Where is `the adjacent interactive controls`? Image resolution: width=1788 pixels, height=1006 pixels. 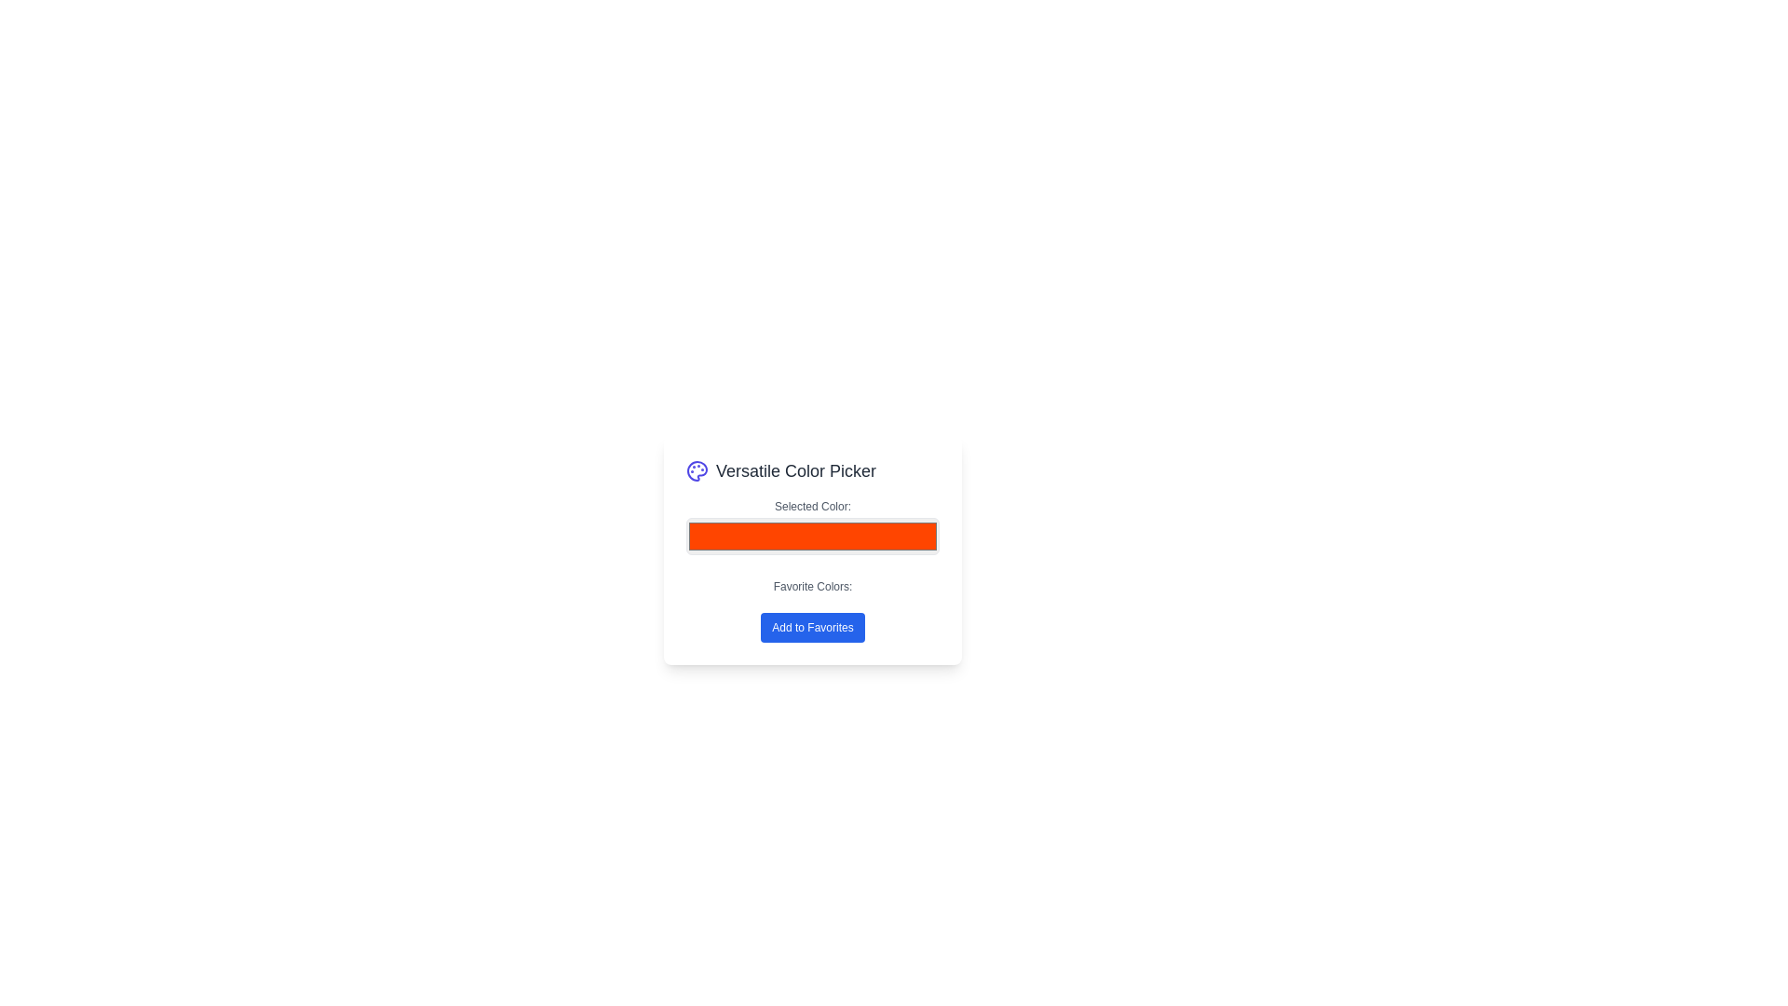 the adjacent interactive controls is located at coordinates (813, 528).